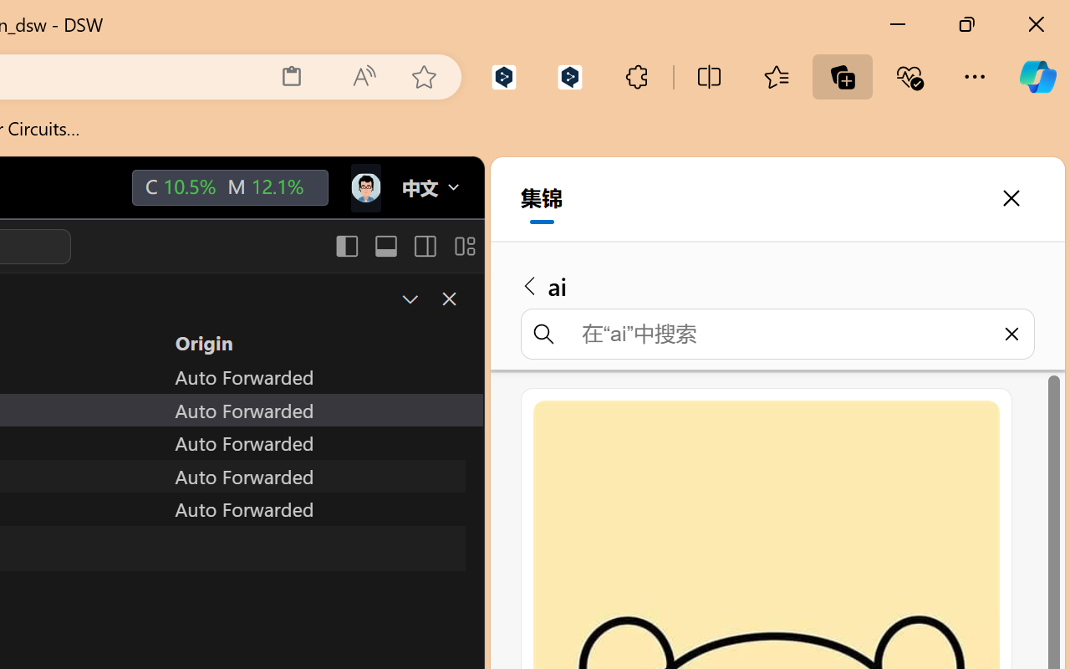 This screenshot has height=669, width=1070. Describe the element at coordinates (385, 246) in the screenshot. I see `'Toggle Panel (Ctrl+J)'` at that location.